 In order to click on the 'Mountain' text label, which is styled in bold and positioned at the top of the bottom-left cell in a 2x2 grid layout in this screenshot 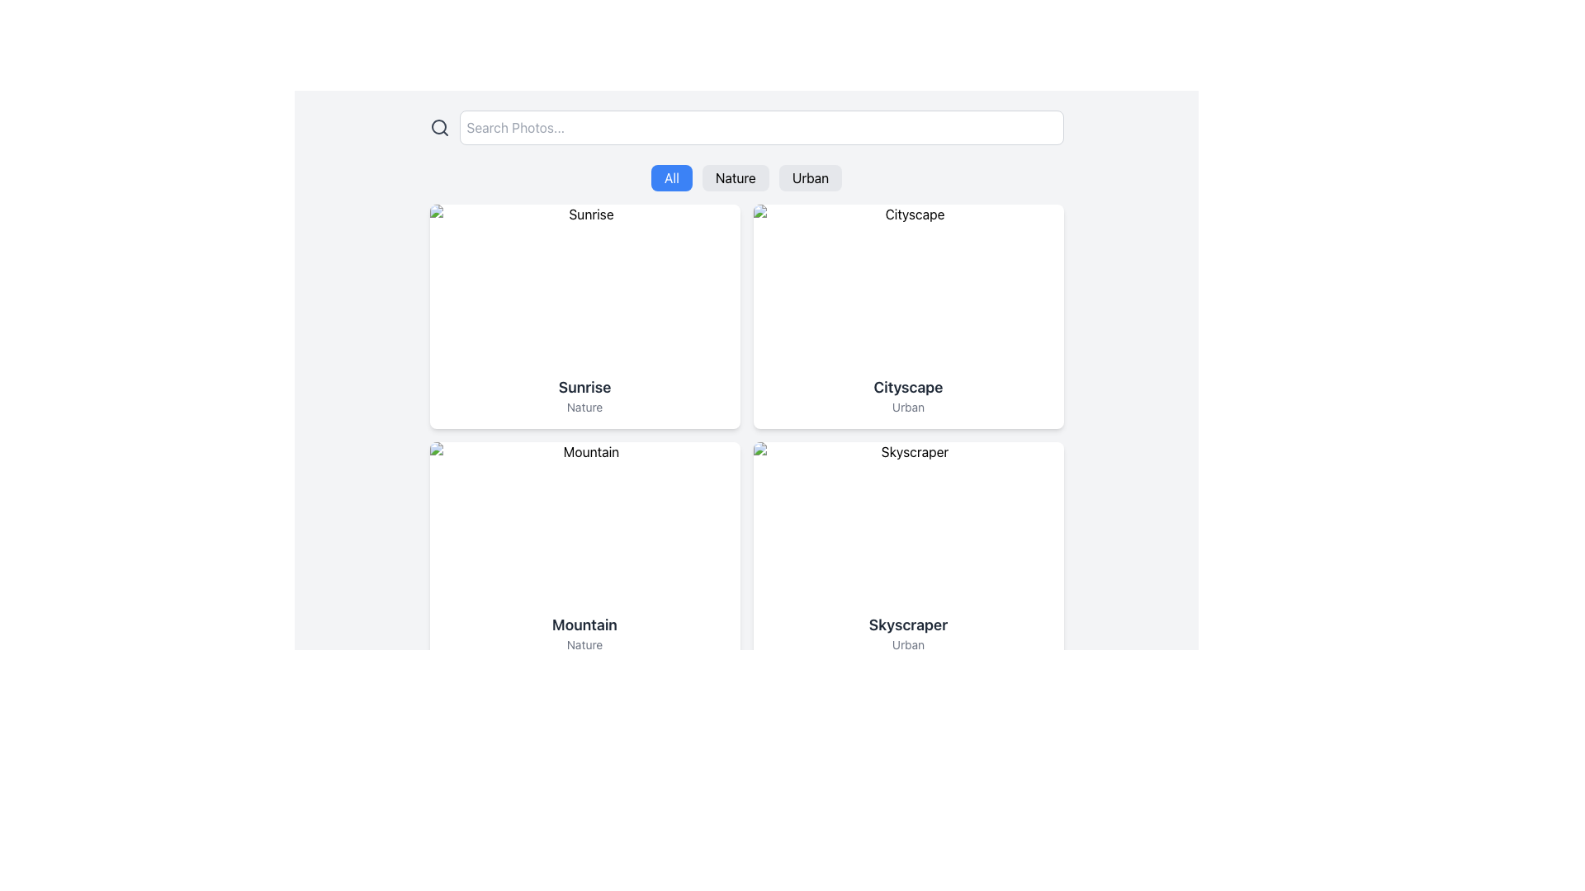, I will do `click(584, 625)`.